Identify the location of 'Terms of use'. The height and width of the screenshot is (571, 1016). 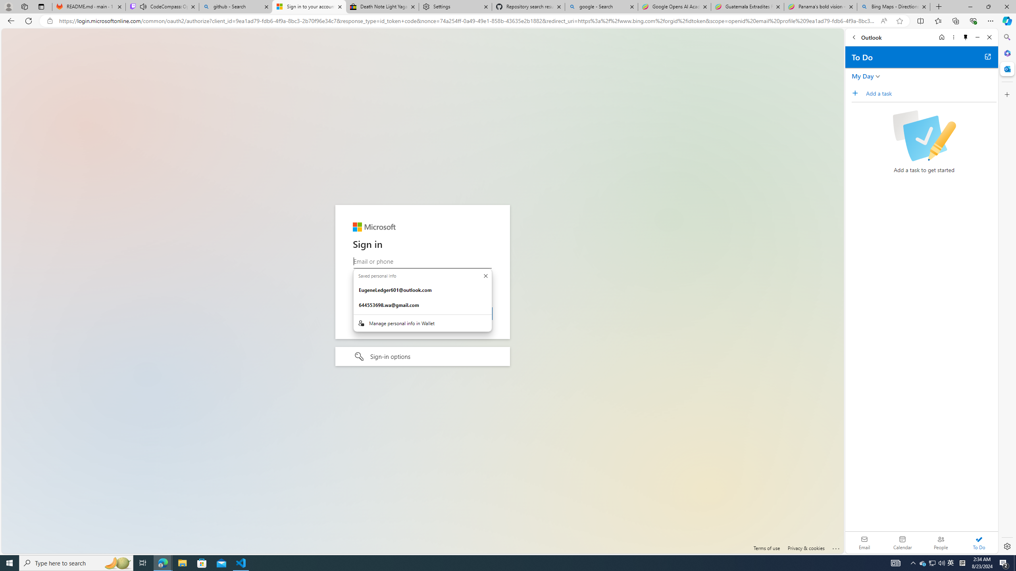
(766, 548).